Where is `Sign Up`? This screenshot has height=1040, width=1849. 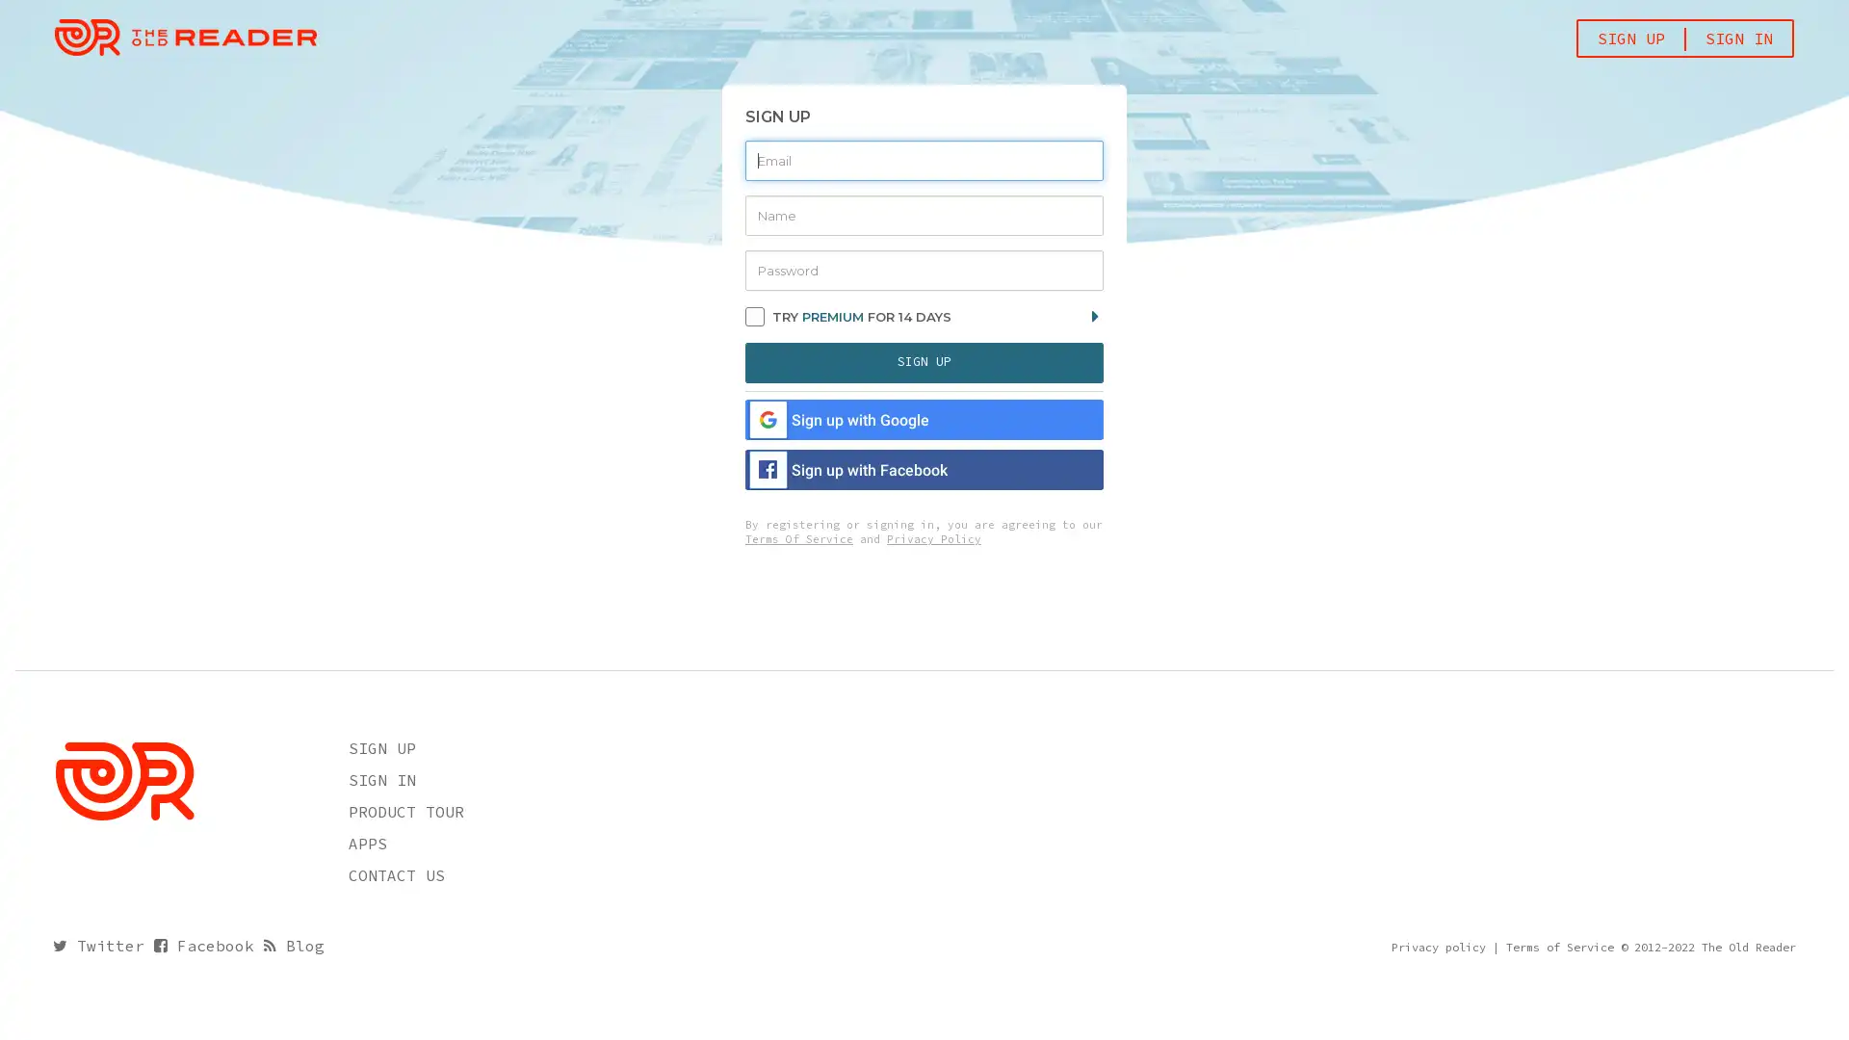
Sign Up is located at coordinates (924, 361).